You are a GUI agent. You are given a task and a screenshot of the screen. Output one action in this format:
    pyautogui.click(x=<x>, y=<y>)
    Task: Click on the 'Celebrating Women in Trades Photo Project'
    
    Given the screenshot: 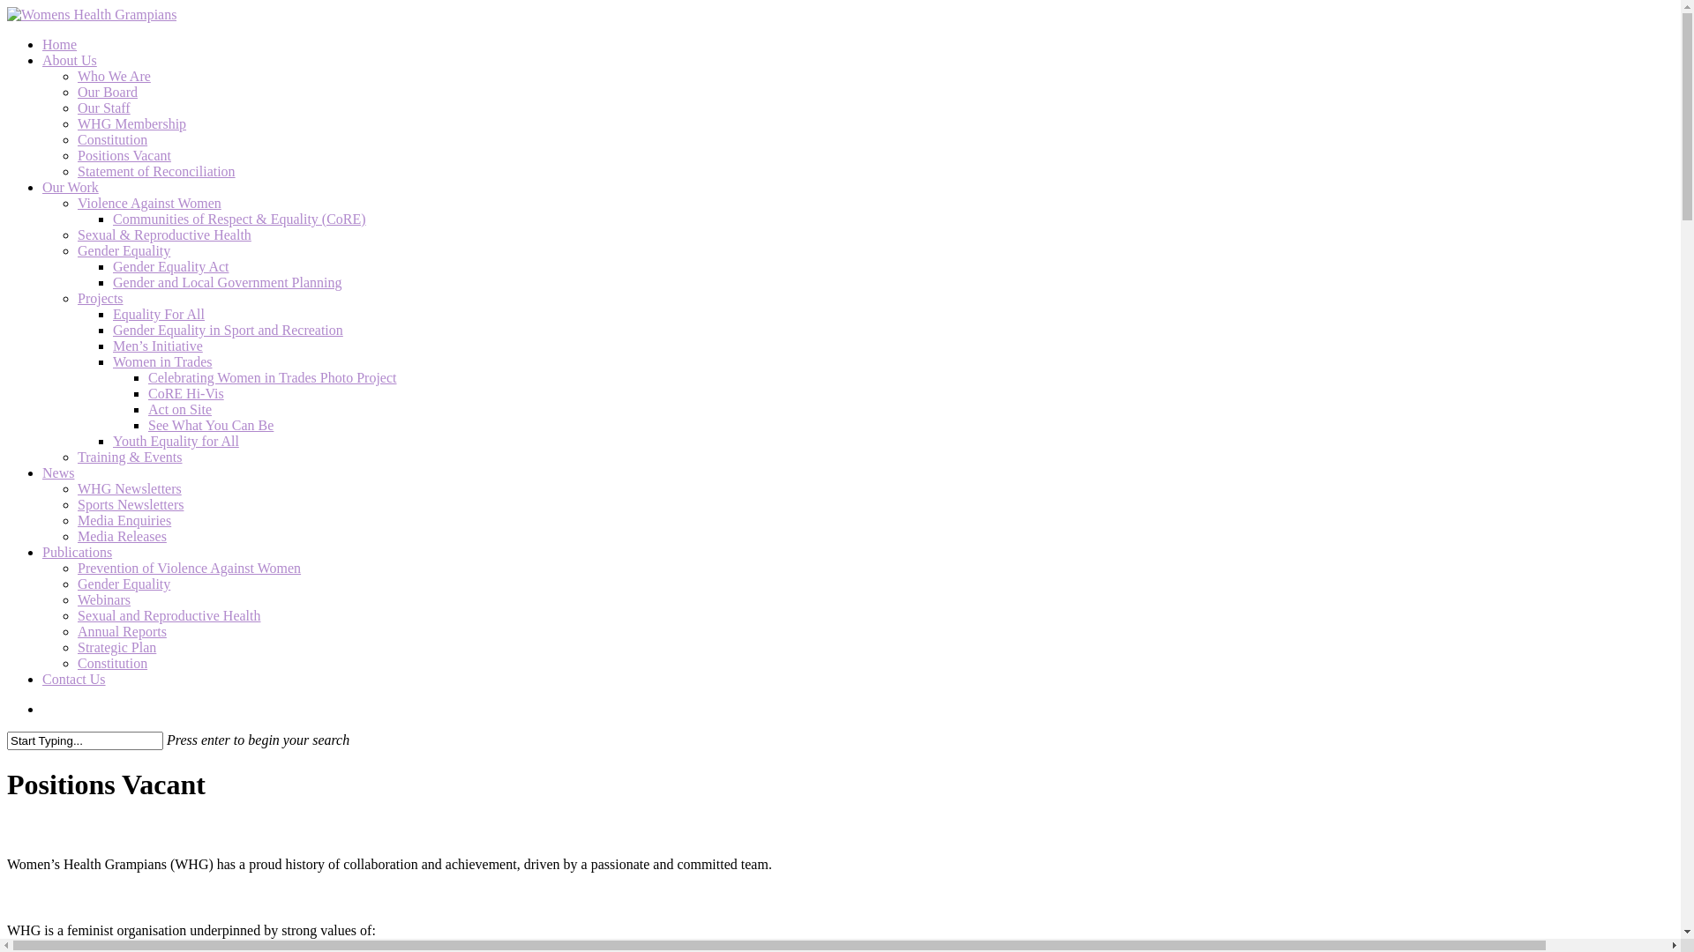 What is the action you would take?
    pyautogui.click(x=271, y=376)
    